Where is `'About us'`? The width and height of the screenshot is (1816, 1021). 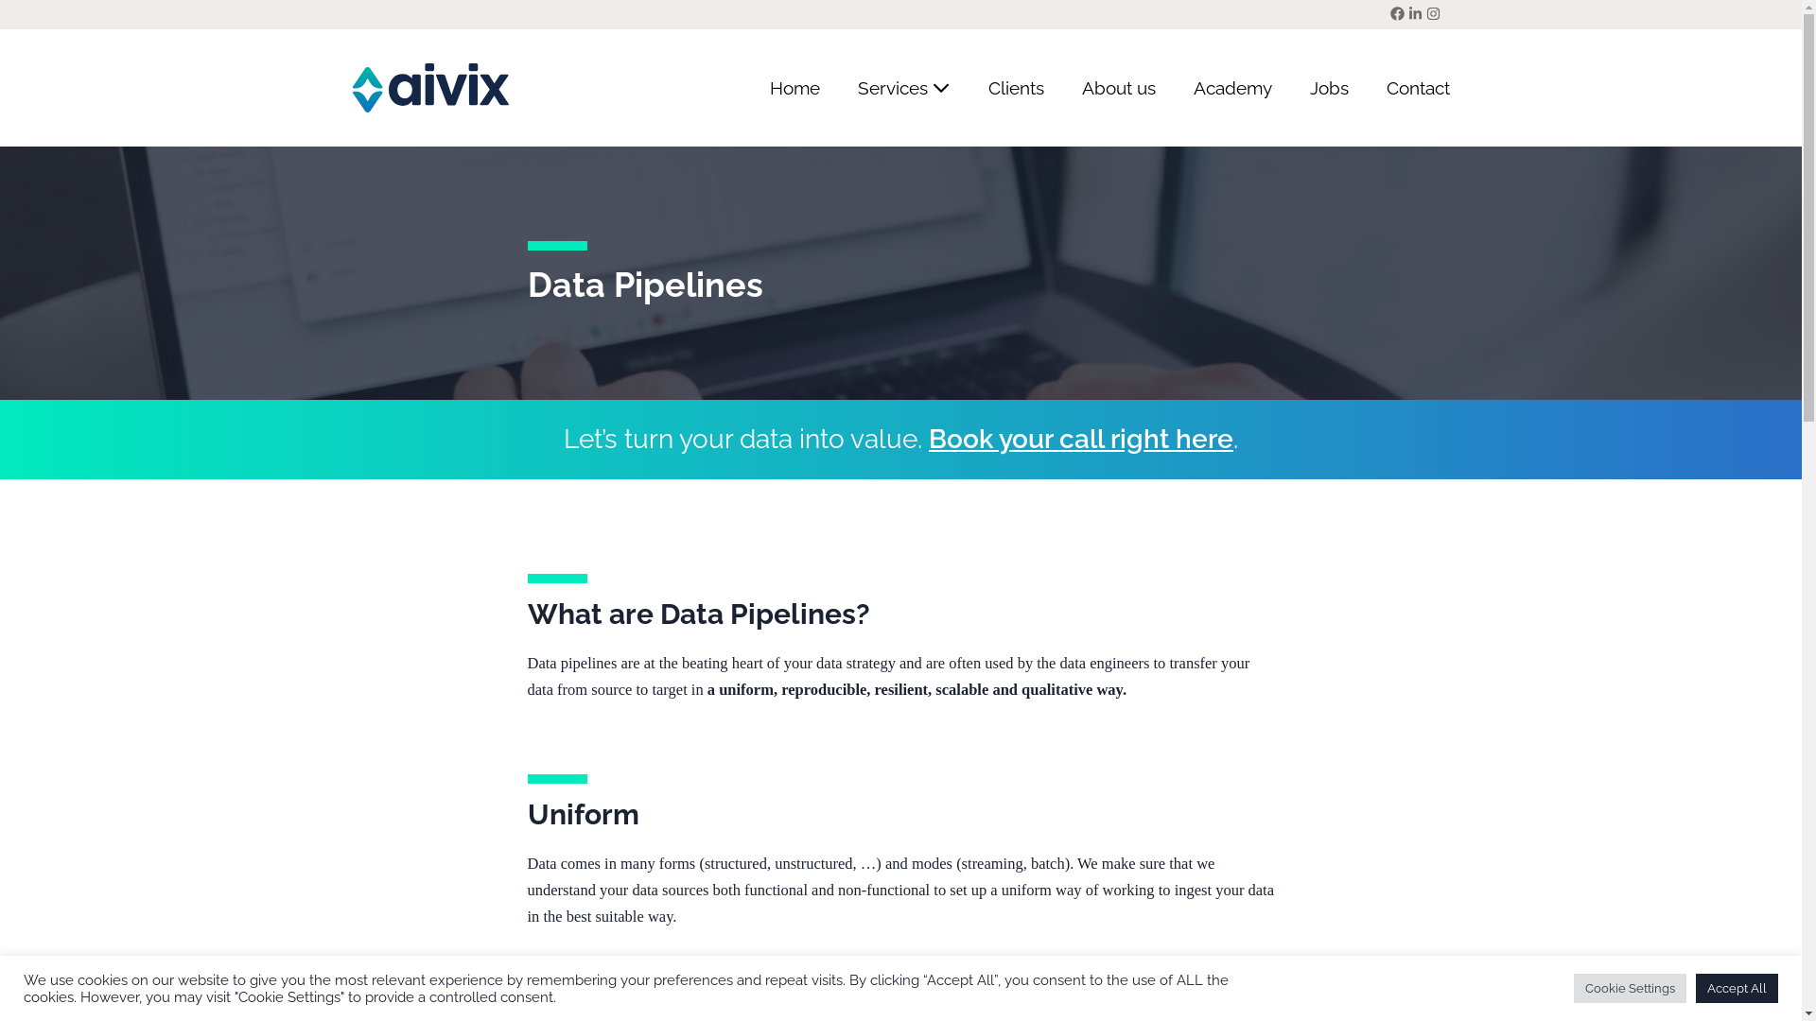 'About us' is located at coordinates (1118, 87).